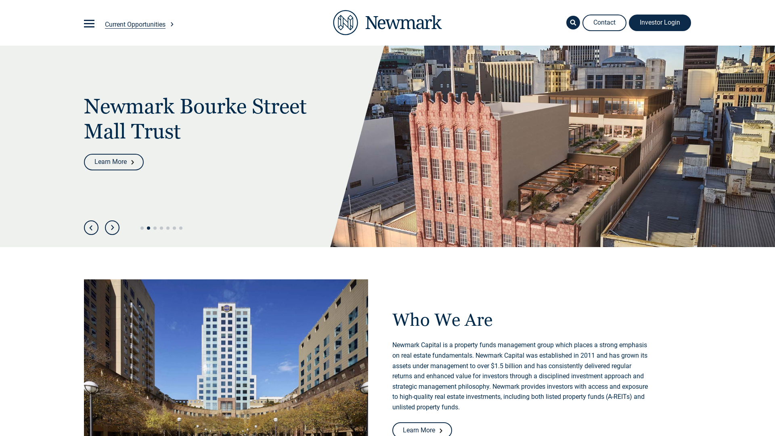  What do you see at coordinates (143, 227) in the screenshot?
I see `'1'` at bounding box center [143, 227].